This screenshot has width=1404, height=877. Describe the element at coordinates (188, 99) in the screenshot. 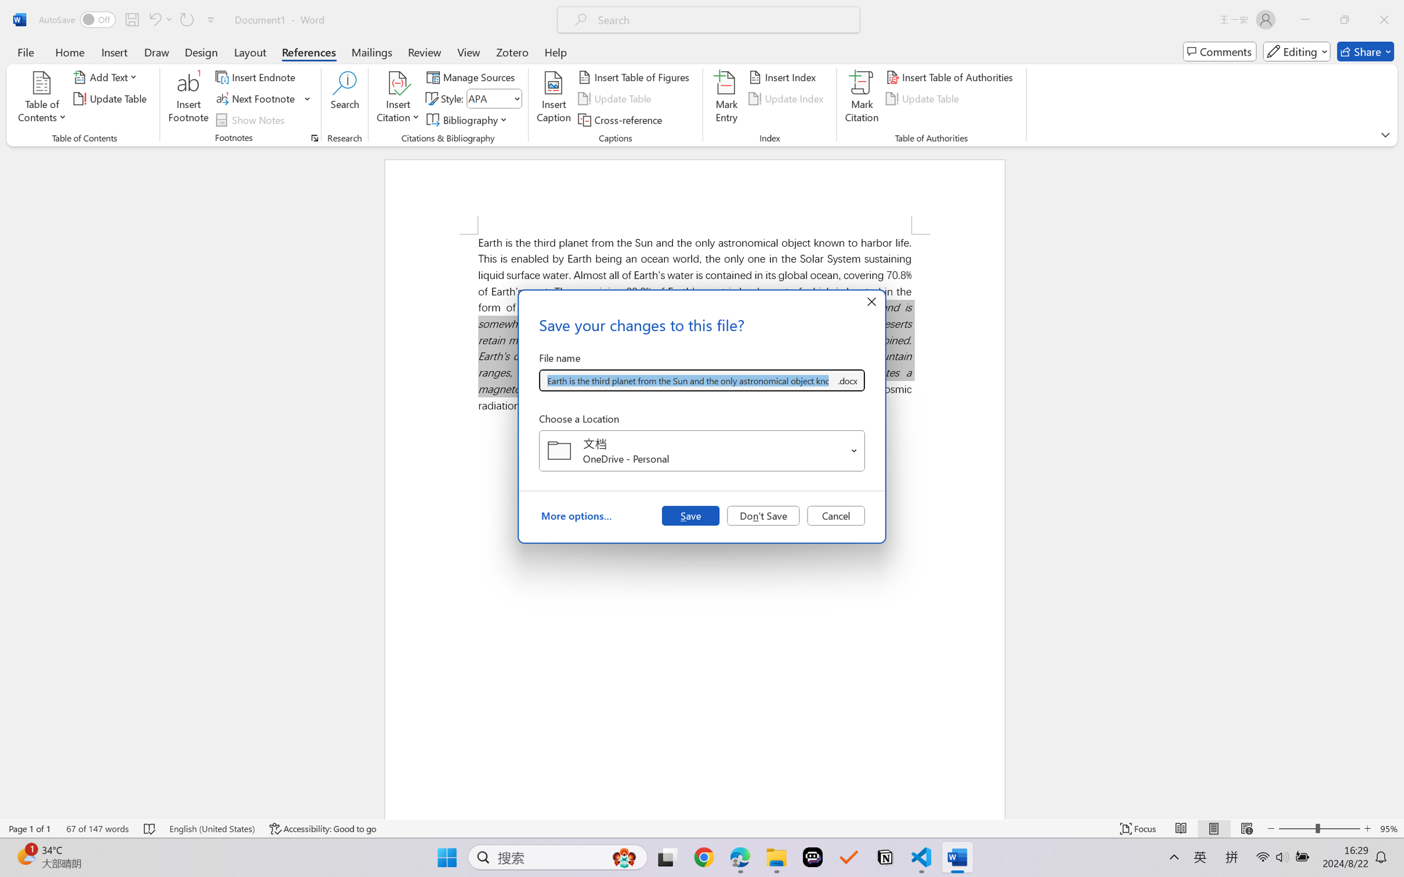

I see `'Insert Footnote'` at that location.